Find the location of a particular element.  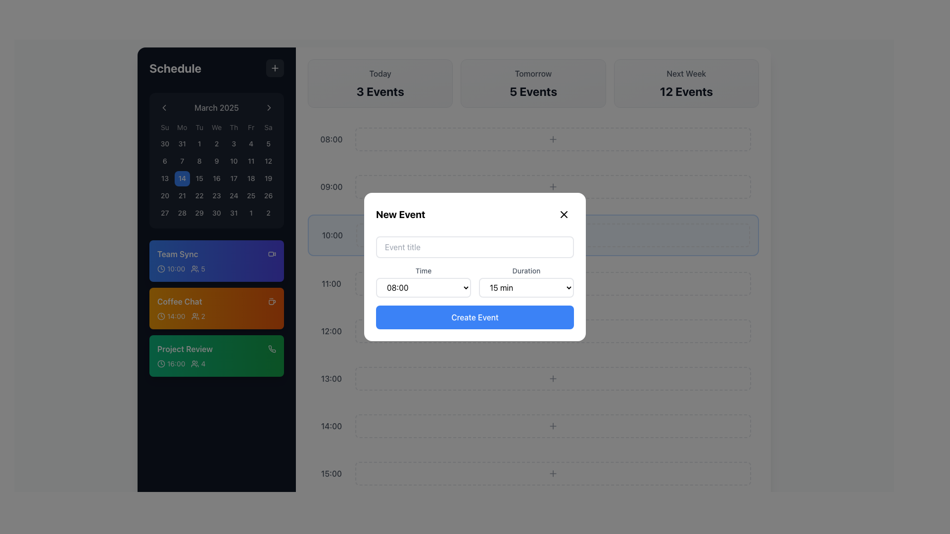

the user group indicator icon located in the 'Team Sync' block on the leftmost sidebar, positioned to the left of the number '5' is located at coordinates (195, 269).